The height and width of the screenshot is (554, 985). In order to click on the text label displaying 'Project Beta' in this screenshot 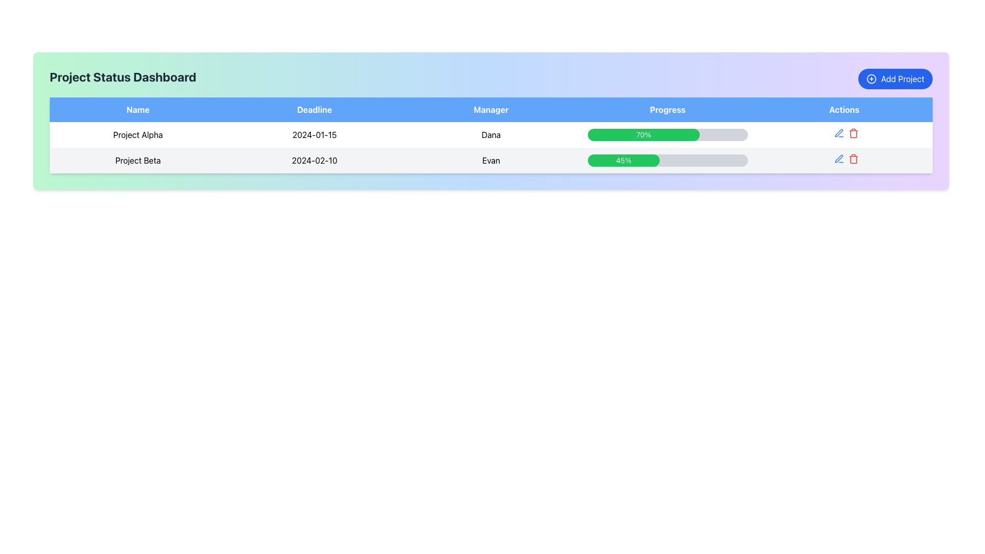, I will do `click(137, 160)`.